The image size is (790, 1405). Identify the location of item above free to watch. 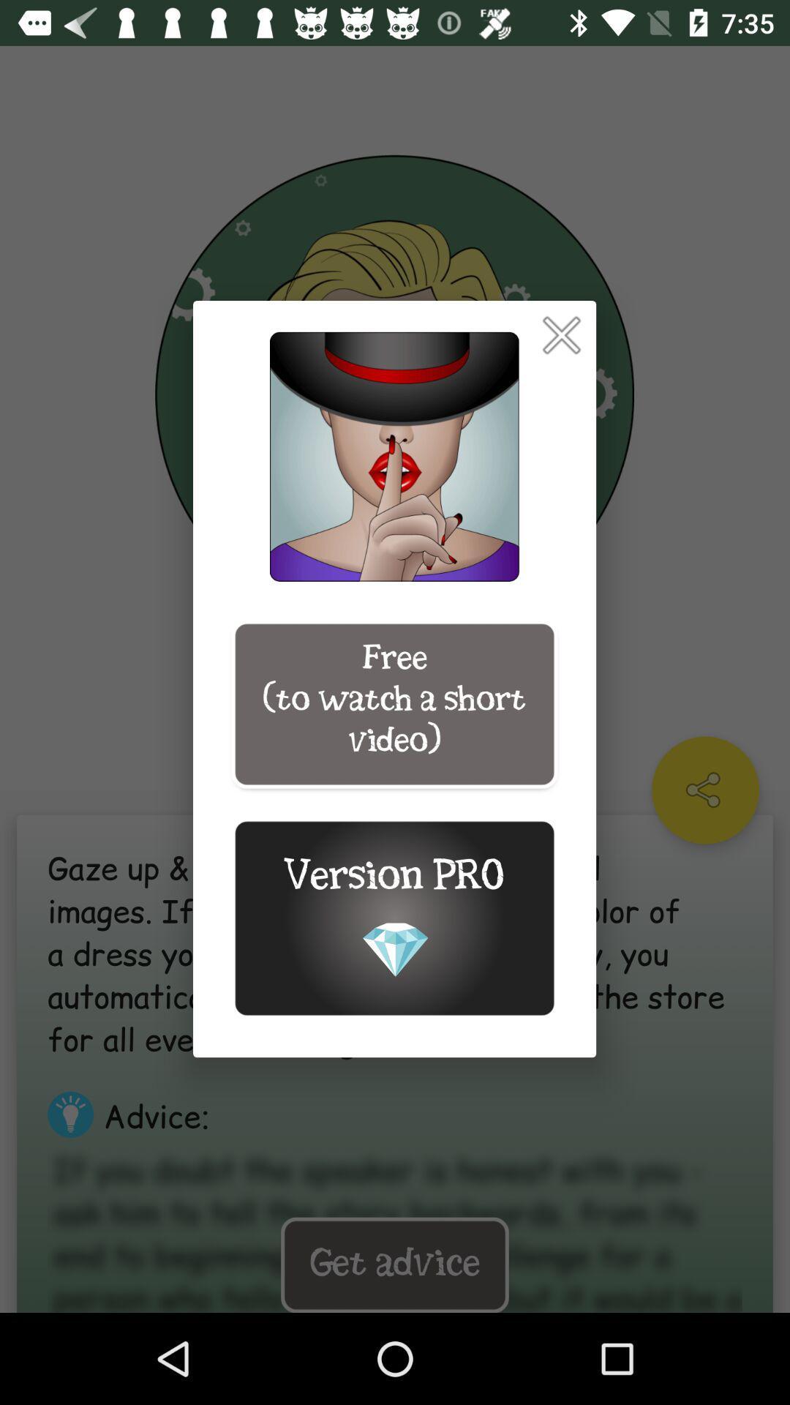
(560, 334).